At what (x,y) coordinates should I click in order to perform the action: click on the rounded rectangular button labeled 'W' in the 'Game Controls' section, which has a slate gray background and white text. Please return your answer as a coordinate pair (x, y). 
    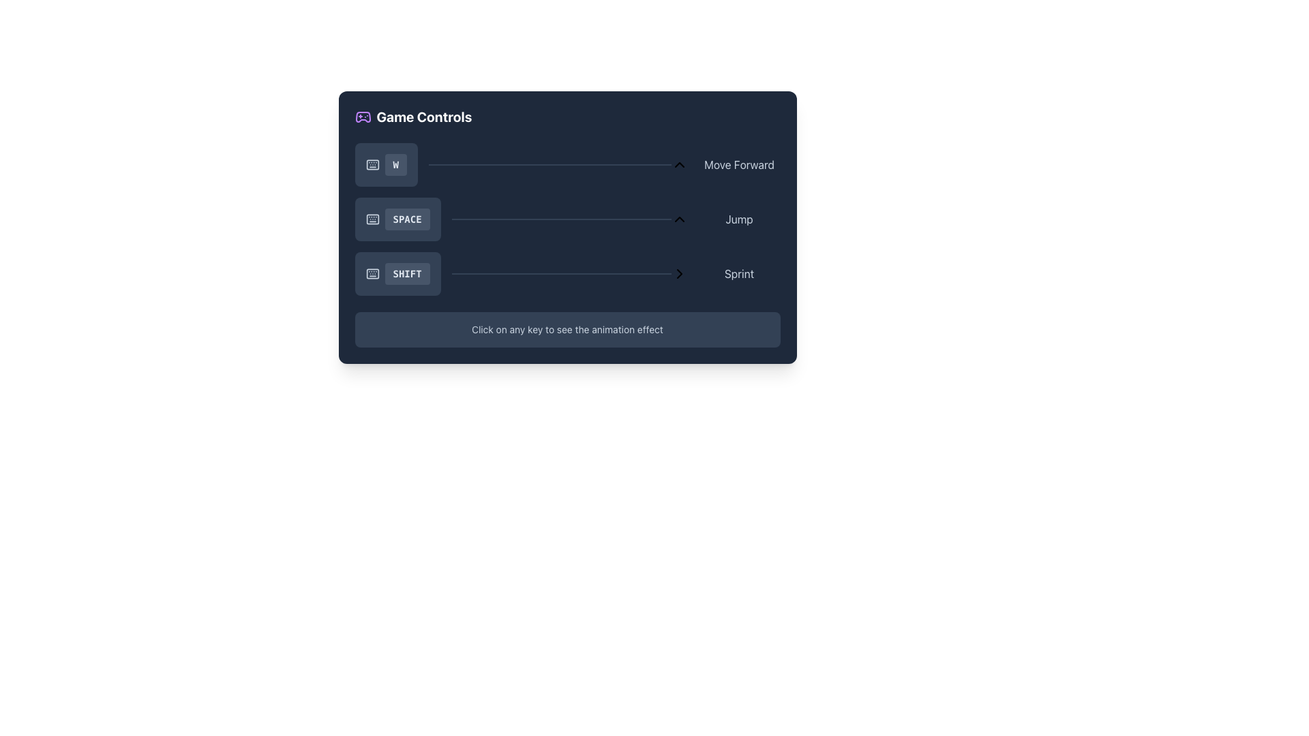
    Looking at the image, I should click on (385, 164).